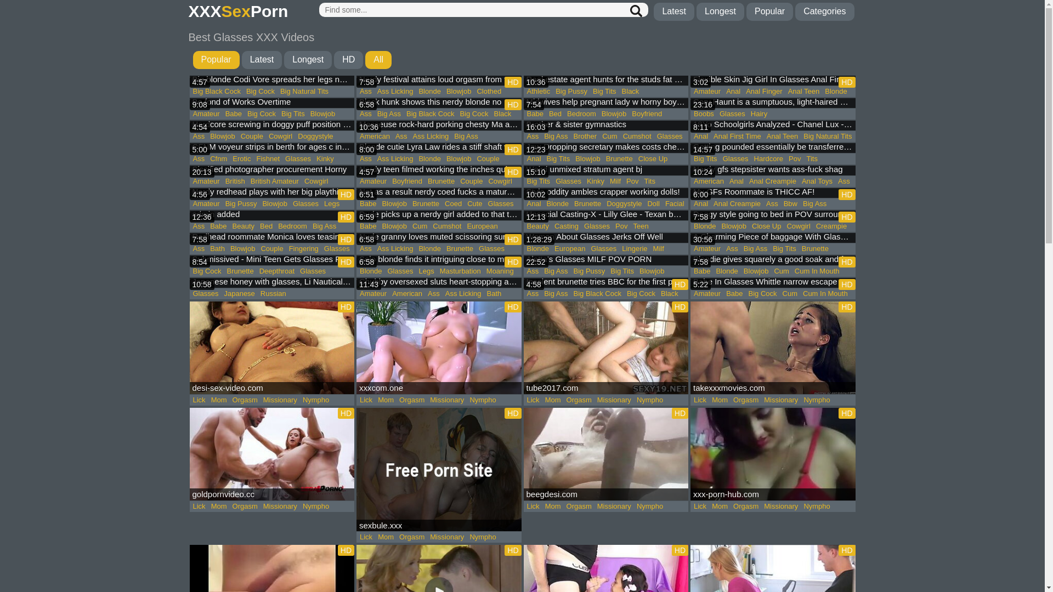 The image size is (1053, 592). I want to click on 'Tits', so click(811, 158).